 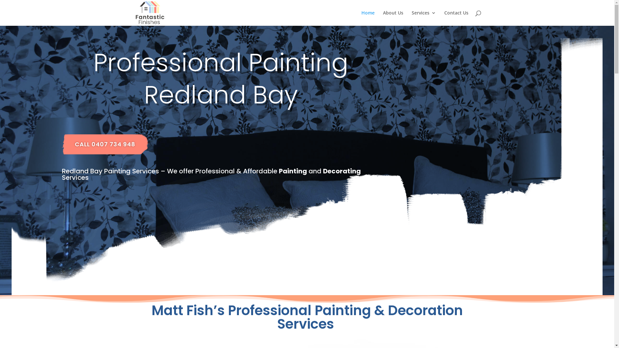 I want to click on 'Home', so click(x=368, y=18).